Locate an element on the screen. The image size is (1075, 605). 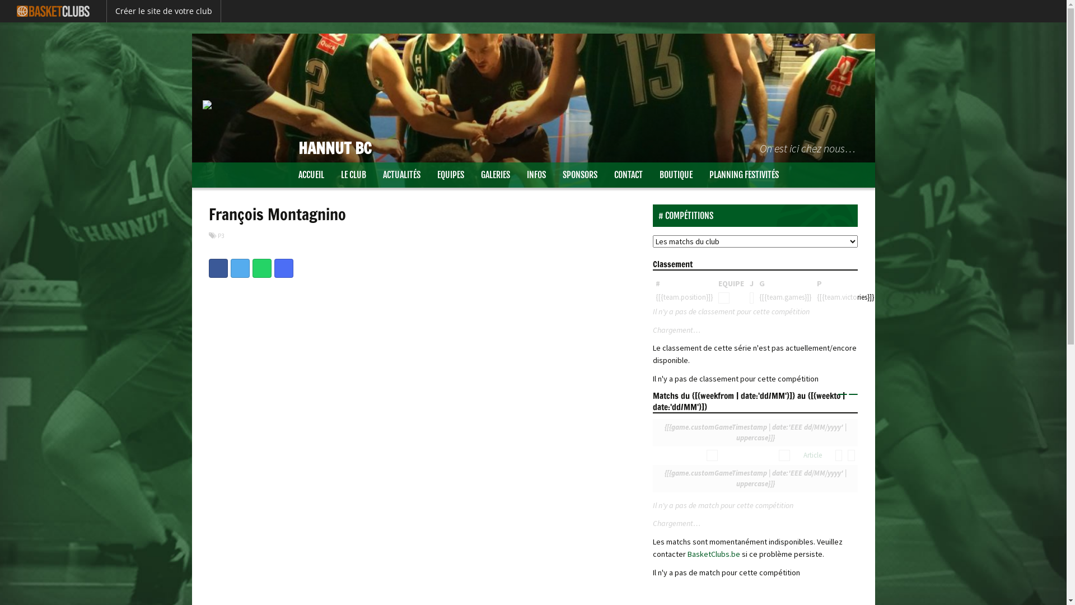
'GALERIES' is located at coordinates (494, 175).